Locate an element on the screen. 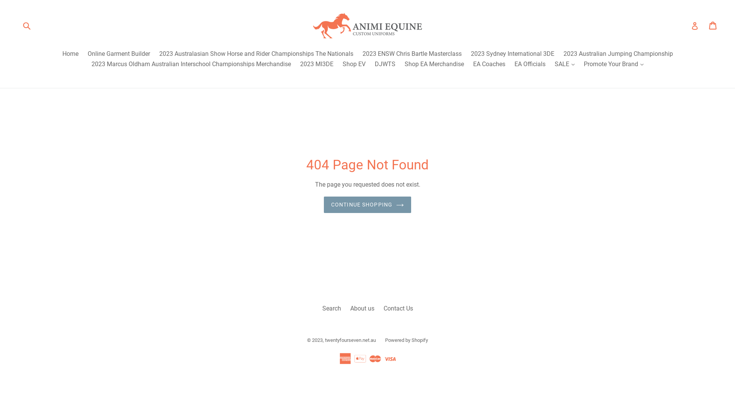 This screenshot has height=413, width=735. '2023 Australian Jumping Championship' is located at coordinates (618, 54).